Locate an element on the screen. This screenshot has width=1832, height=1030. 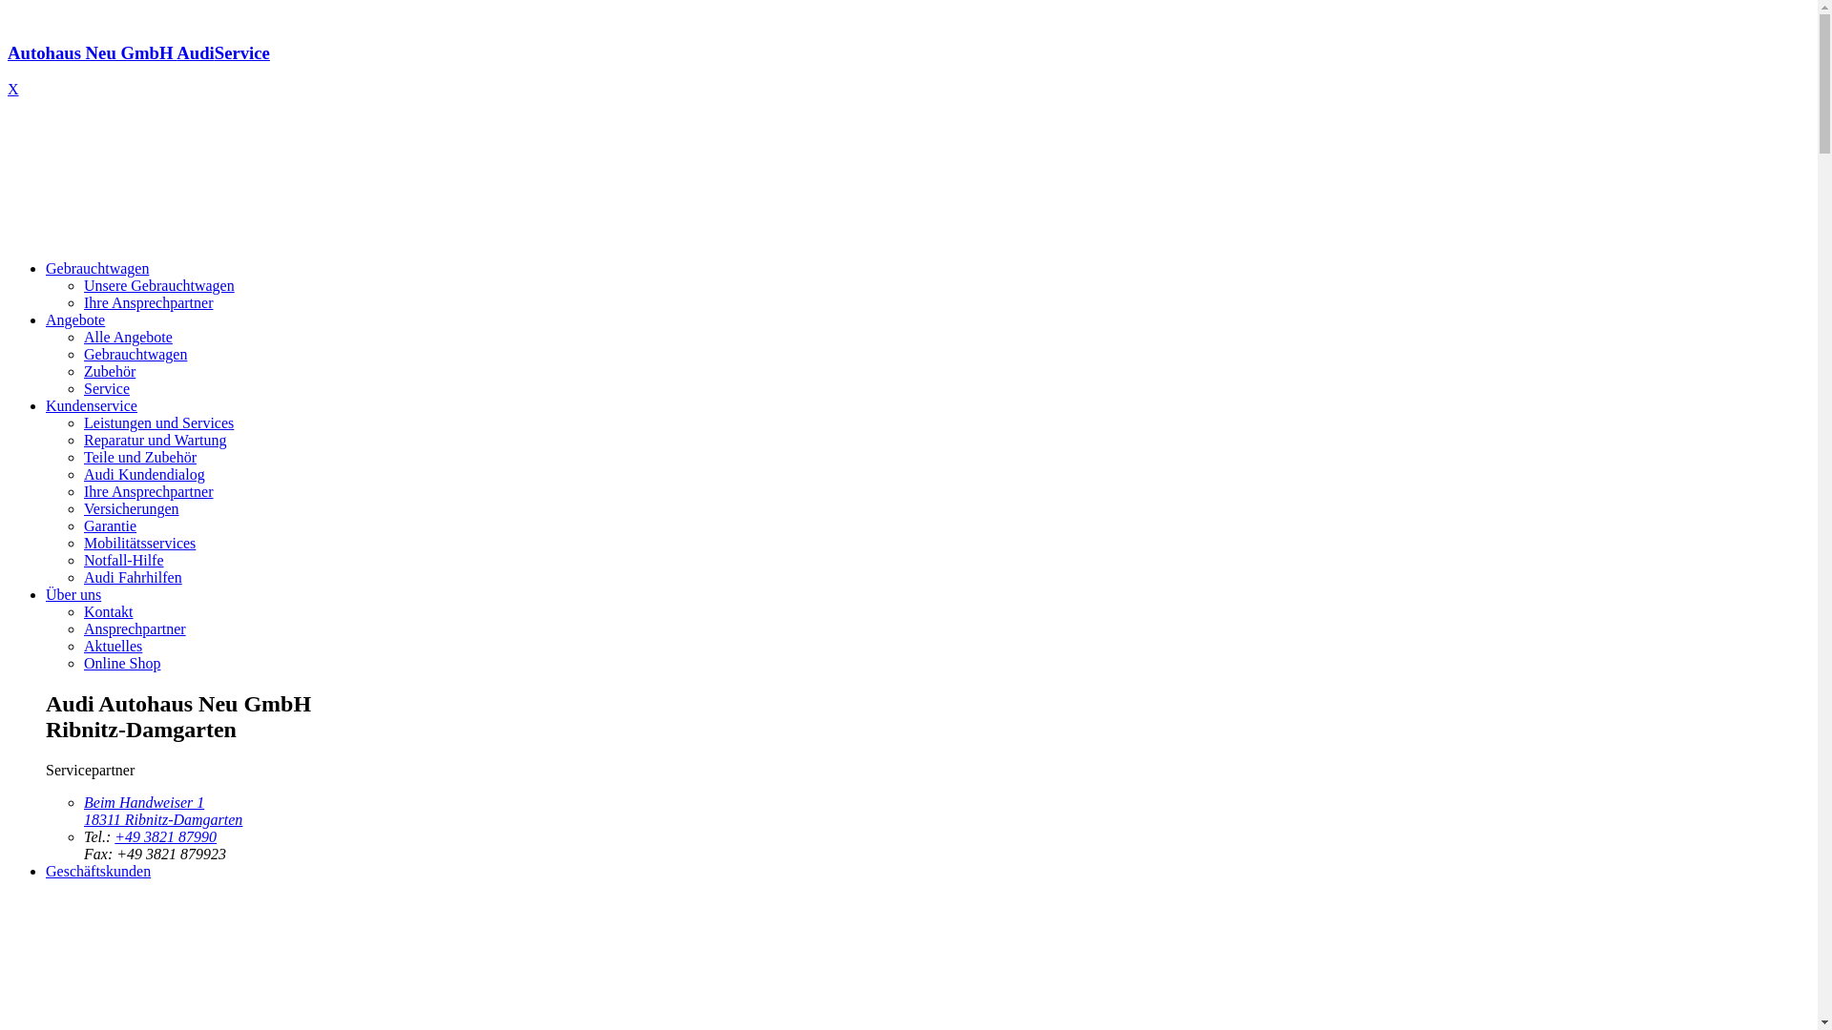
'Kundenservice' is located at coordinates (91, 404).